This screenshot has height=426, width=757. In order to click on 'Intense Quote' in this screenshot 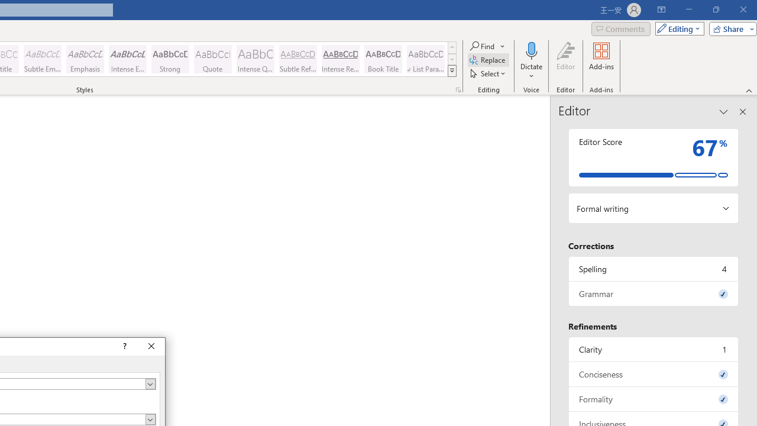, I will do `click(255, 59)`.